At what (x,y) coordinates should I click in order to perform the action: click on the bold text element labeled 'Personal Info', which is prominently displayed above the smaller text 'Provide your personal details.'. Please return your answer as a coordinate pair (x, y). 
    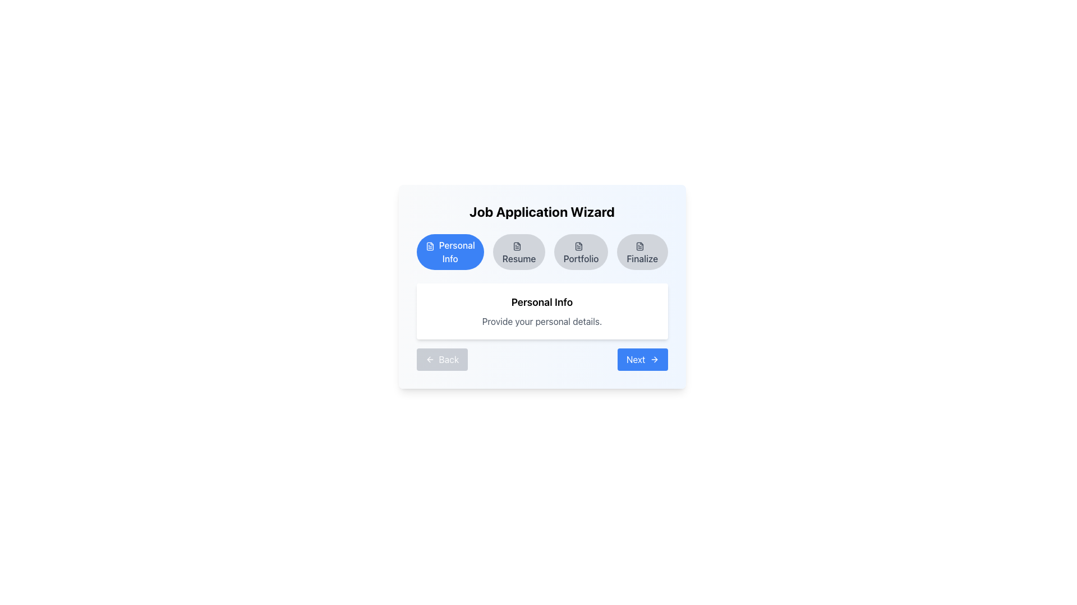
    Looking at the image, I should click on (542, 302).